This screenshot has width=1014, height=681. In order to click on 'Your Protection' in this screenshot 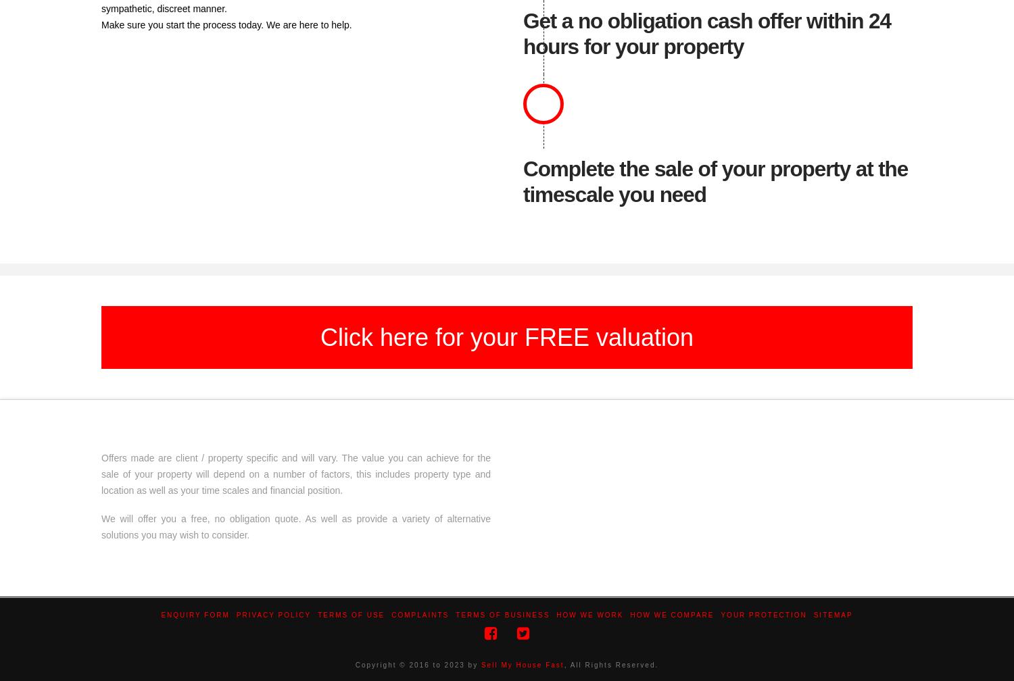, I will do `click(720, 615)`.